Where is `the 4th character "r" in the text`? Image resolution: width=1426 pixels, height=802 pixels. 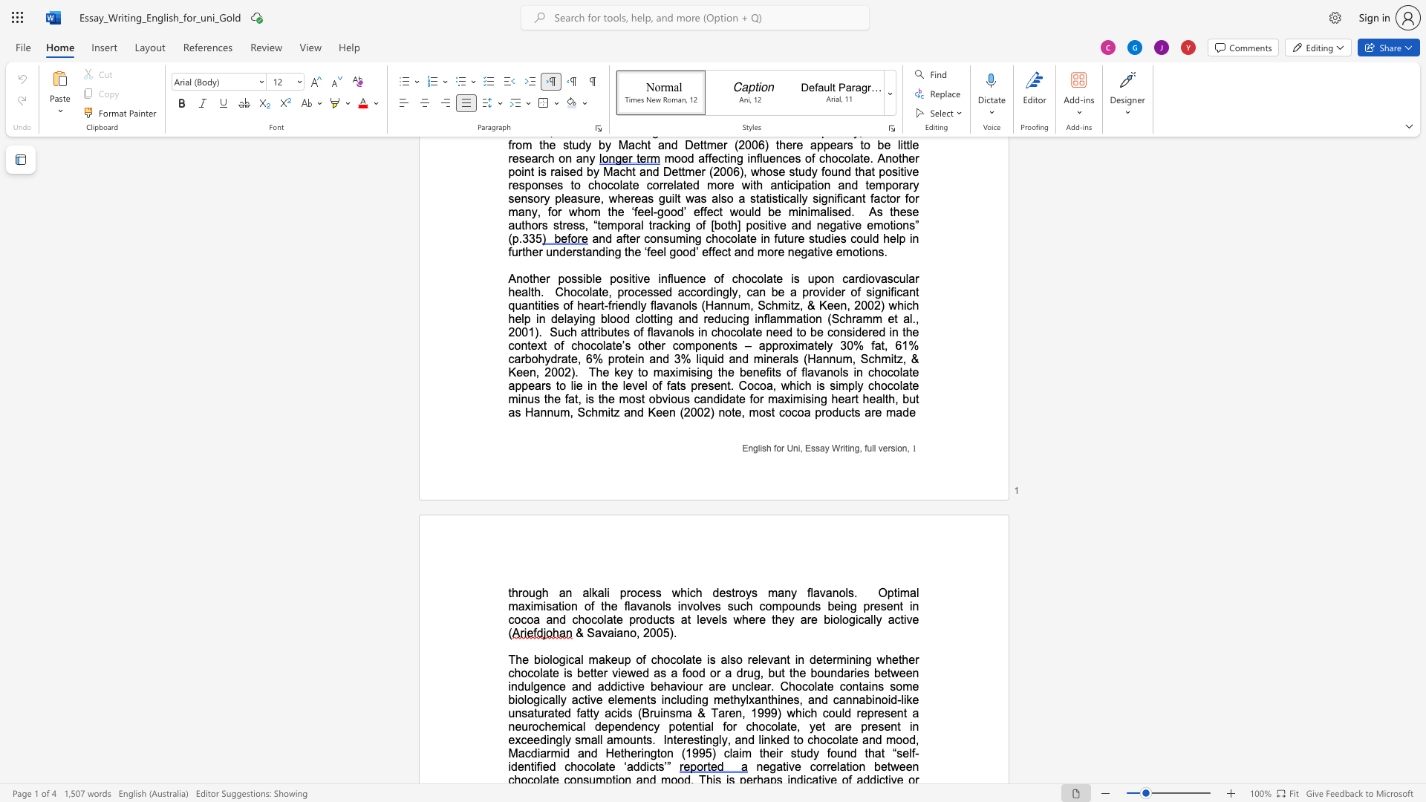 the 4th character "r" in the text is located at coordinates (843, 292).